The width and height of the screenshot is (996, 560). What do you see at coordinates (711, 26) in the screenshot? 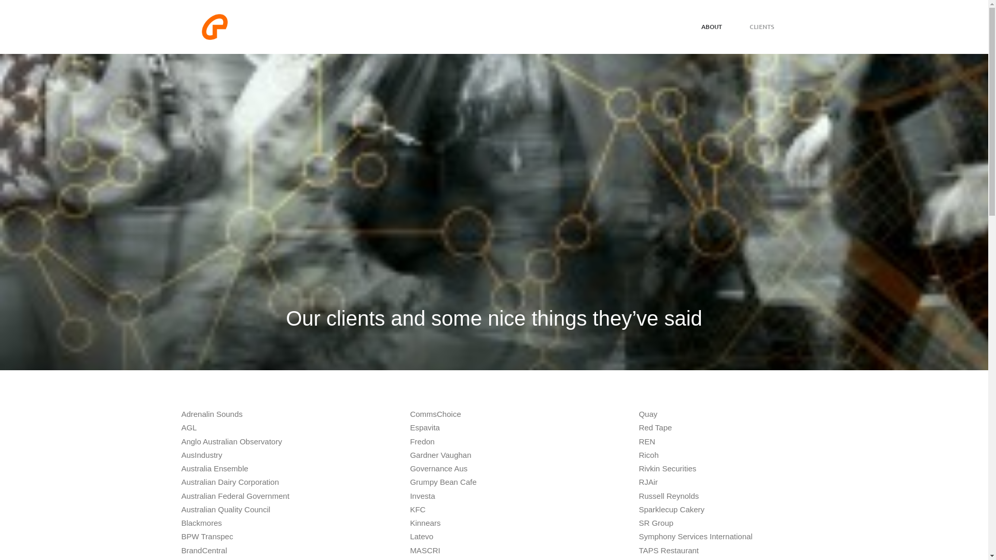
I see `'ABOUT'` at bounding box center [711, 26].